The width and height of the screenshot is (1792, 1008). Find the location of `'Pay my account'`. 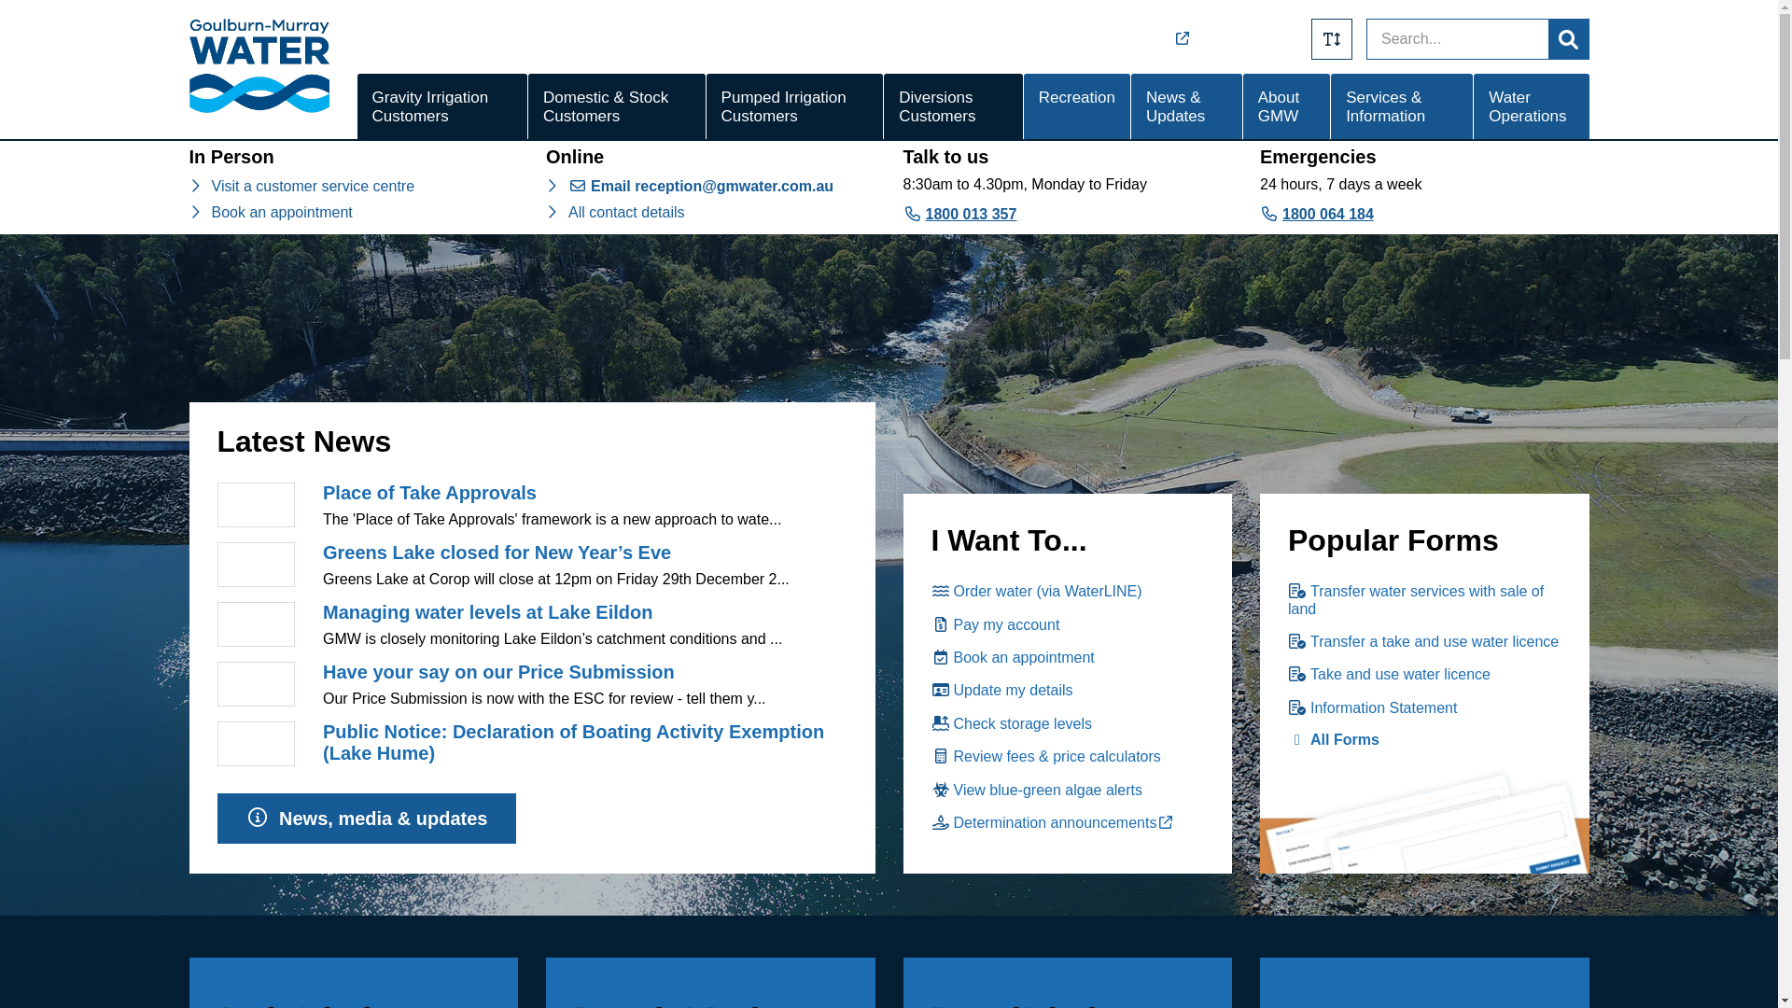

'Pay my account' is located at coordinates (994, 624).